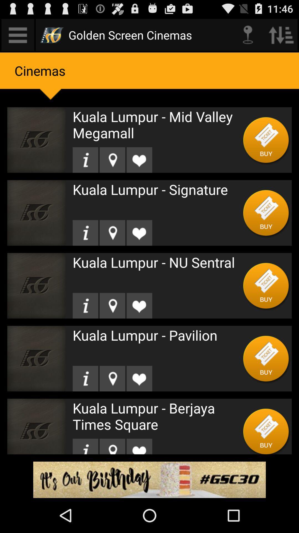 This screenshot has height=533, width=299. I want to click on buy button, so click(266, 140).